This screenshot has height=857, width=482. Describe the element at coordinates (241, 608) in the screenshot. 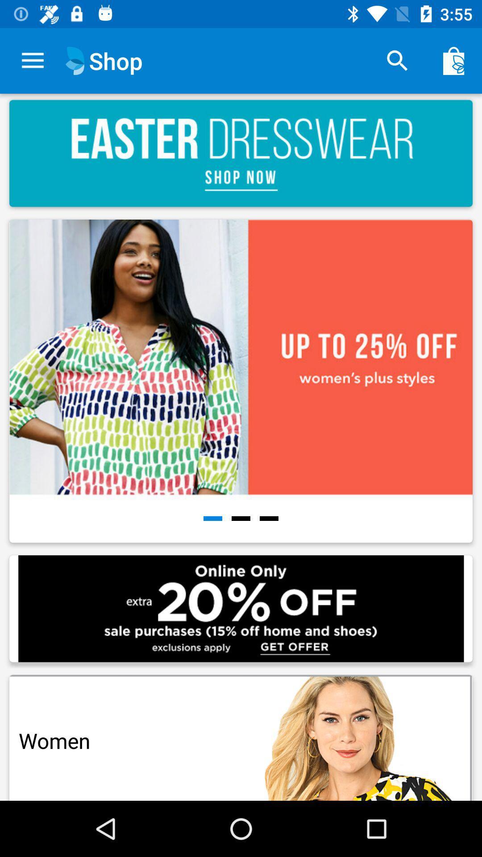

I see `20 off at the bottom` at that location.